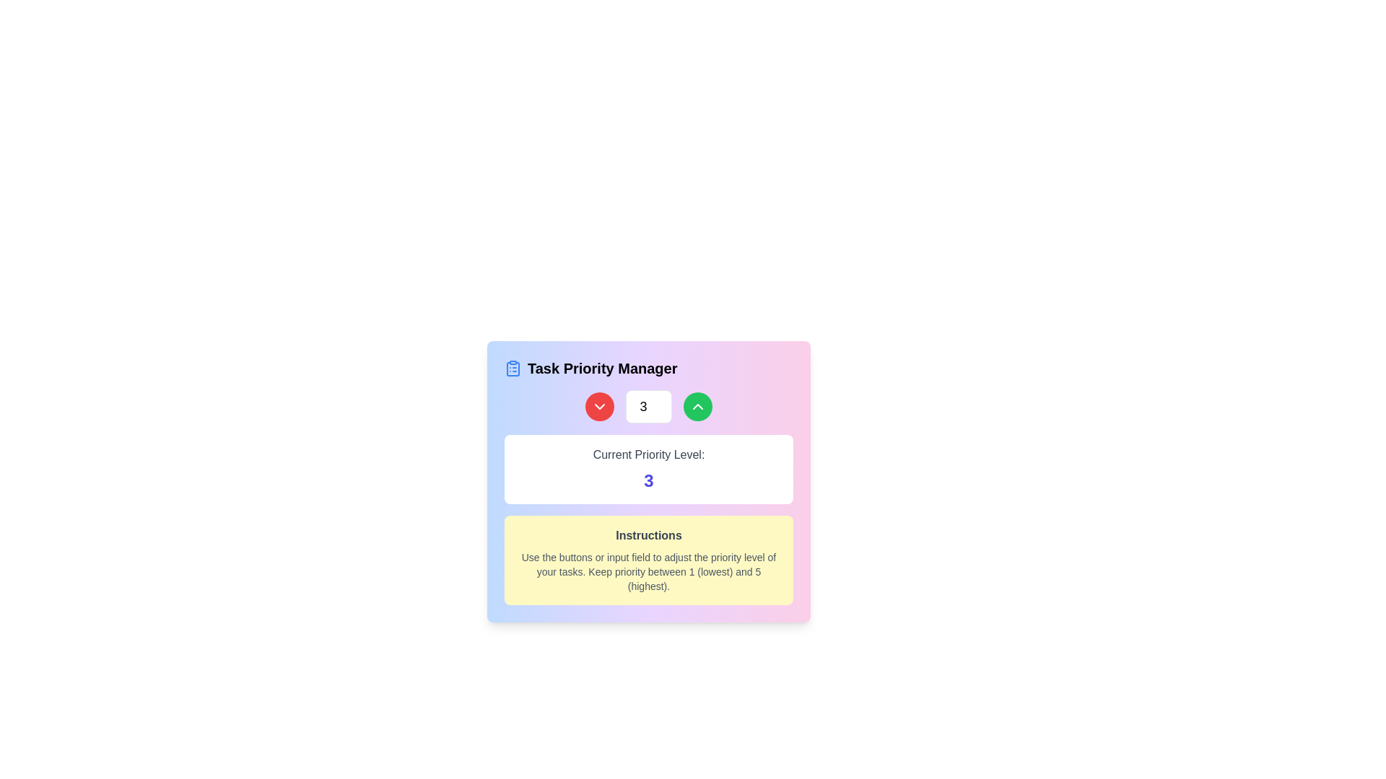  I want to click on the Label with an Icon that serves as the title for managing task priorities, which is positioned at the top of the gradient-colored card interface, so click(648, 367).